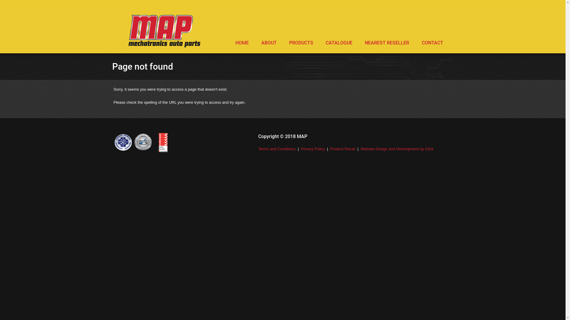  What do you see at coordinates (269, 43) in the screenshot?
I see `'ABOUT'` at bounding box center [269, 43].